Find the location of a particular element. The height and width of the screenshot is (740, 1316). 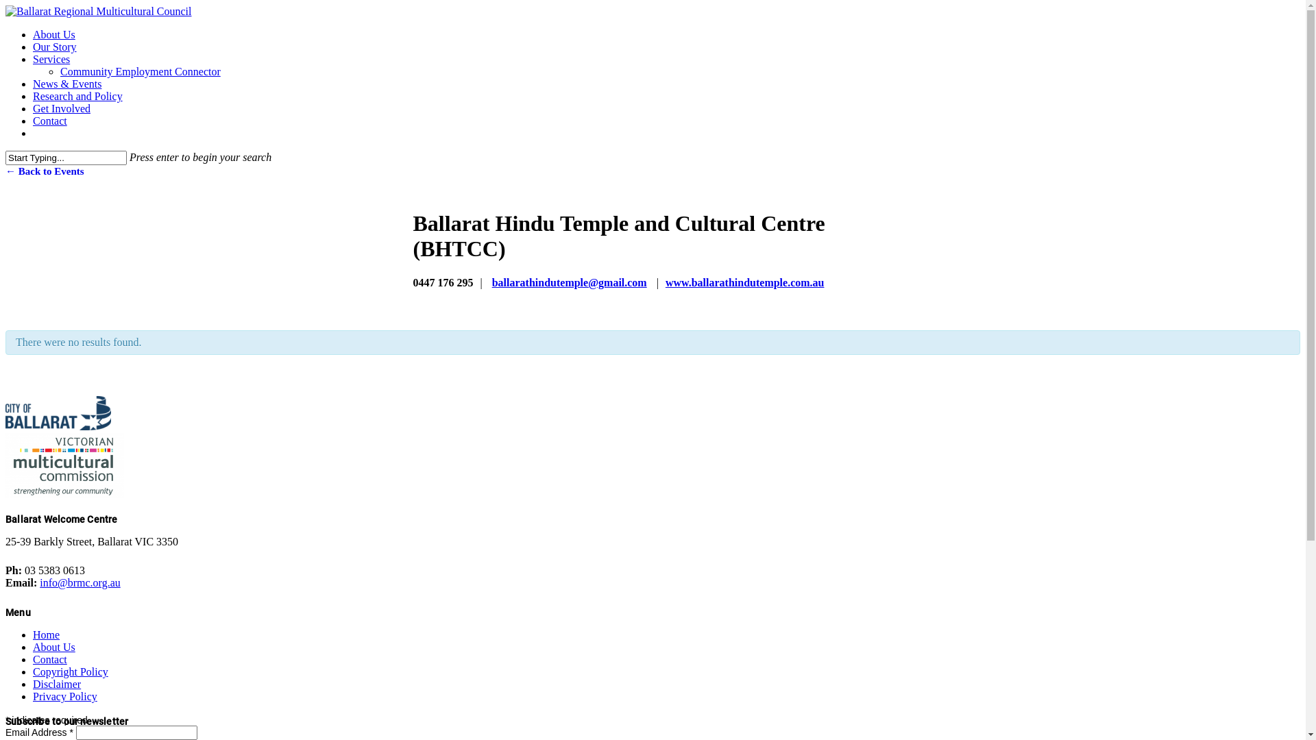

'Privacy Policy' is located at coordinates (33, 696).